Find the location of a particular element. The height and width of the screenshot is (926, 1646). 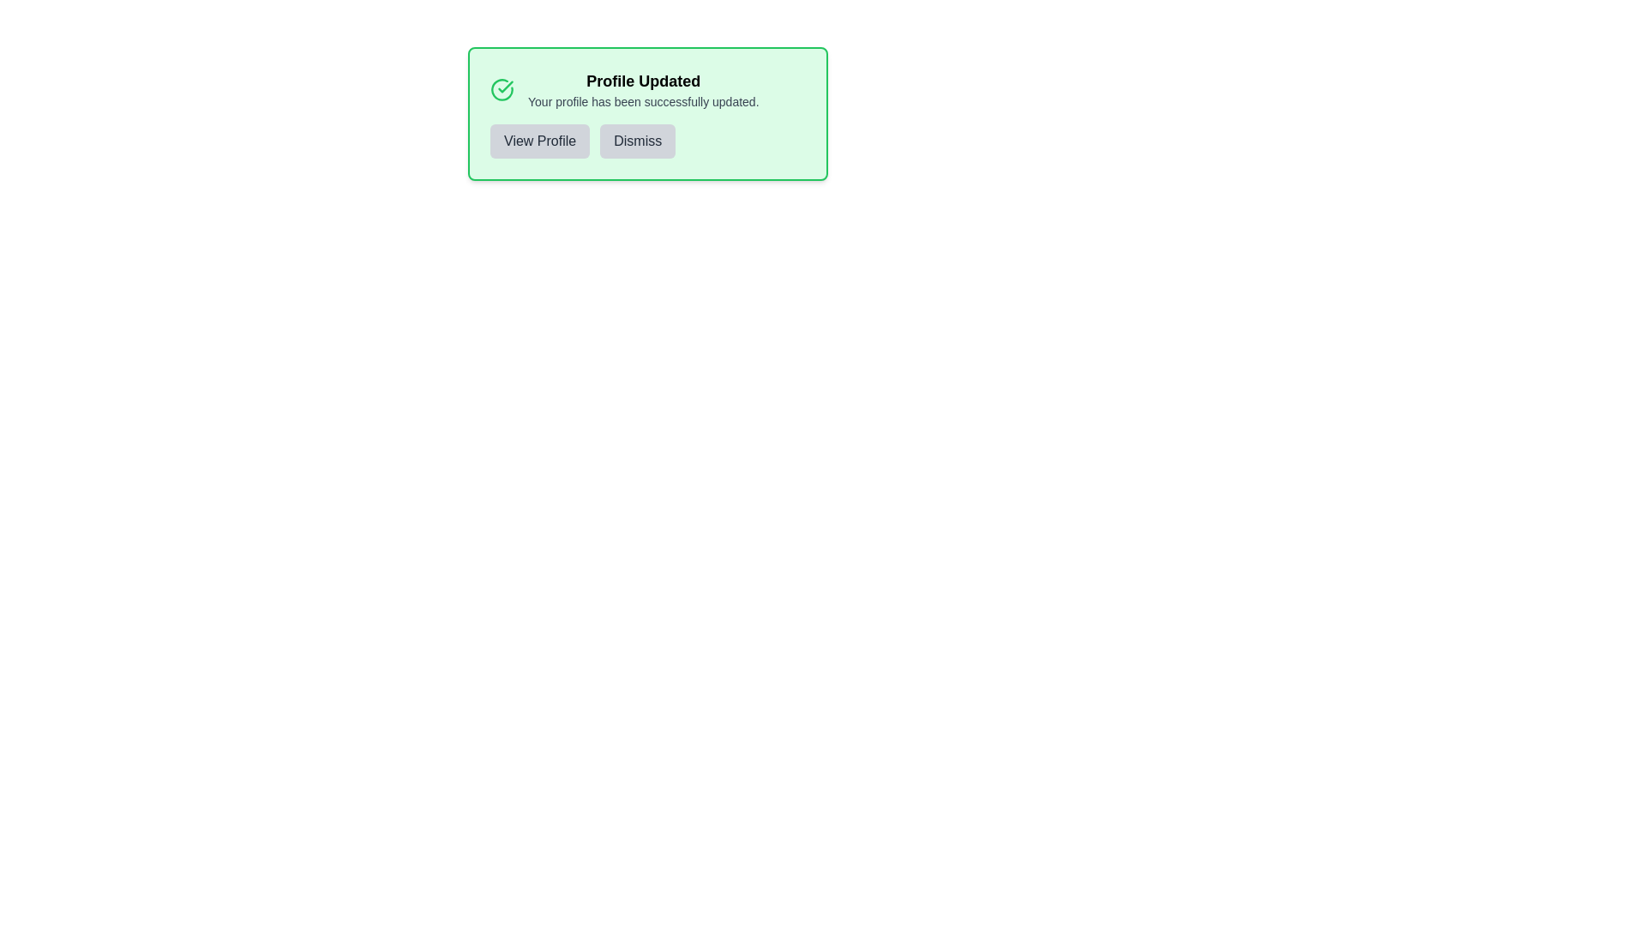

the success message text below the 'Profile Updated' heading within the notification card is located at coordinates (642, 102).